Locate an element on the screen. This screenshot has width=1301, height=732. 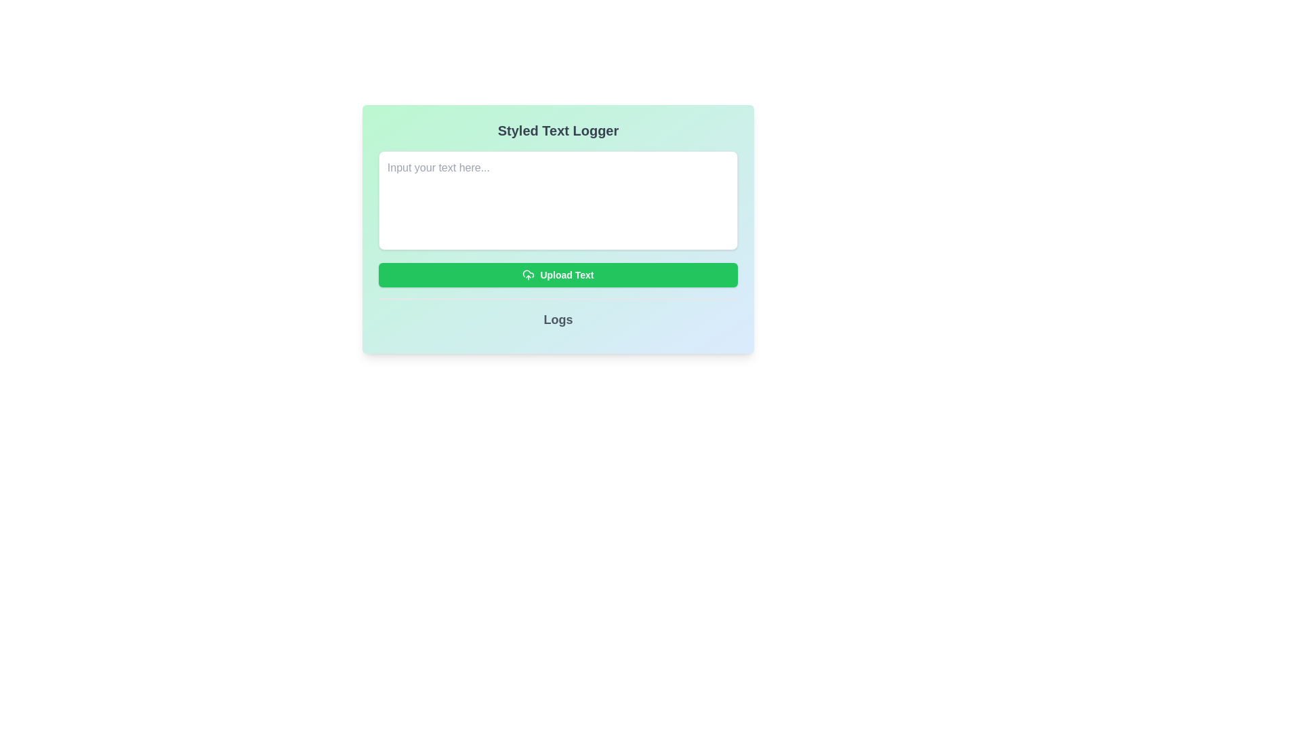
the middle graphic layer of the cloud outline within the SVG icon located immediately to the left of the 'Upload Text' button is located at coordinates (528, 274).